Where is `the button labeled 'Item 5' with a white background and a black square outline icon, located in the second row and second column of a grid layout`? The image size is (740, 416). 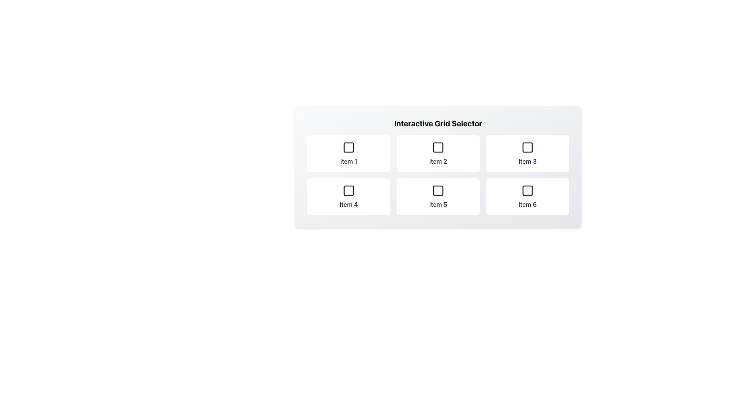 the button labeled 'Item 5' with a white background and a black square outline icon, located in the second row and second column of a grid layout is located at coordinates (438, 196).